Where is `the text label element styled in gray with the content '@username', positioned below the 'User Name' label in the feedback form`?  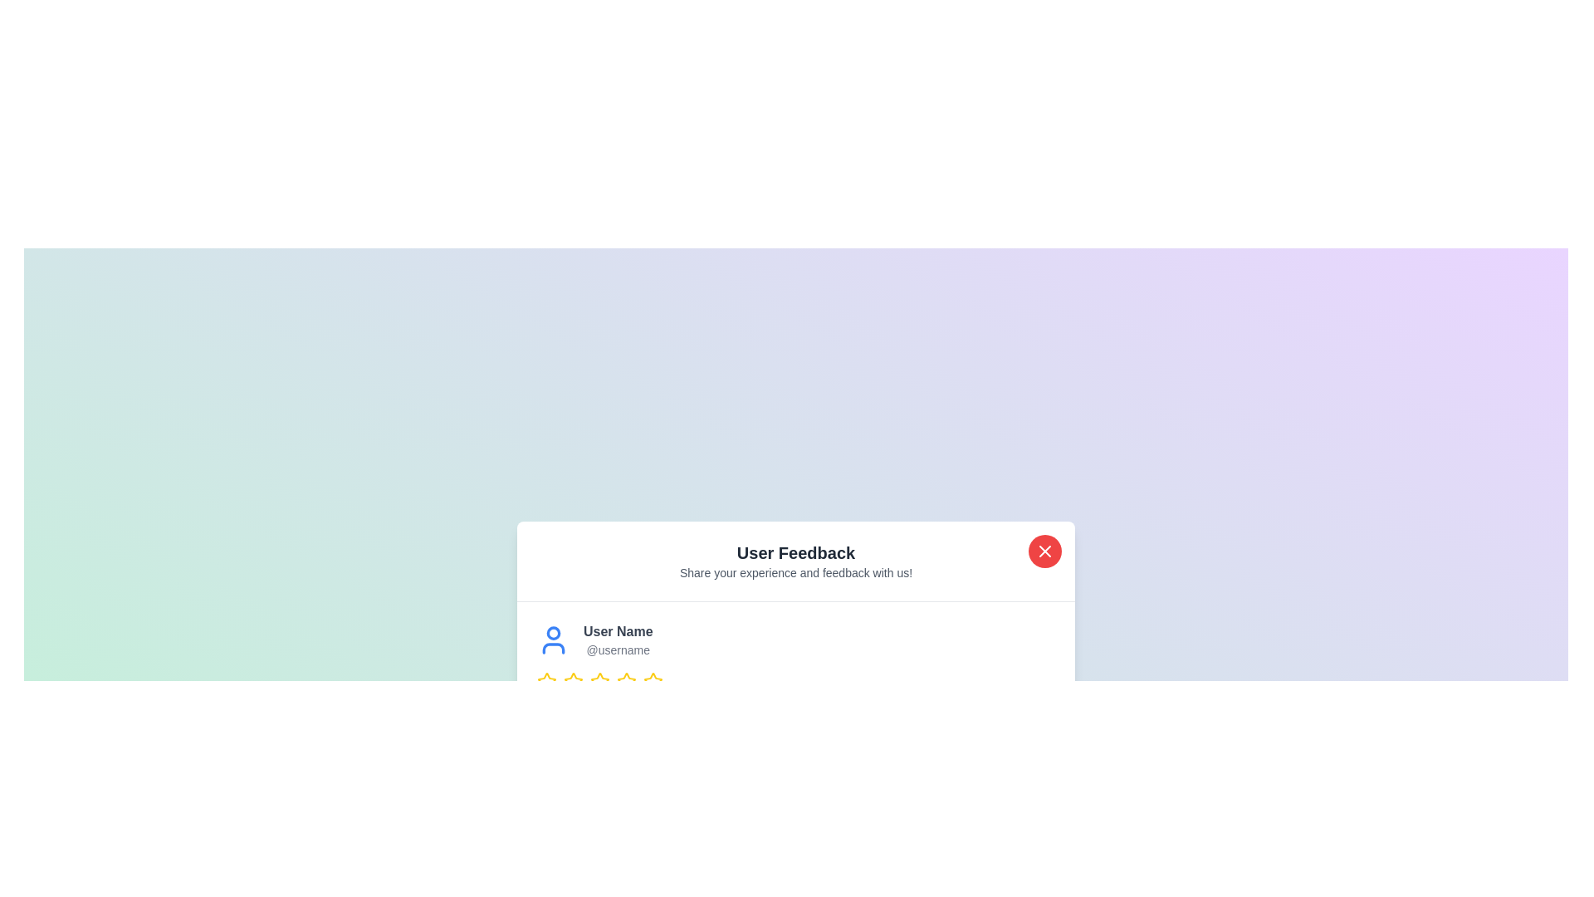 the text label element styled in gray with the content '@username', positioned below the 'User Name' label in the feedback form is located at coordinates (617, 649).